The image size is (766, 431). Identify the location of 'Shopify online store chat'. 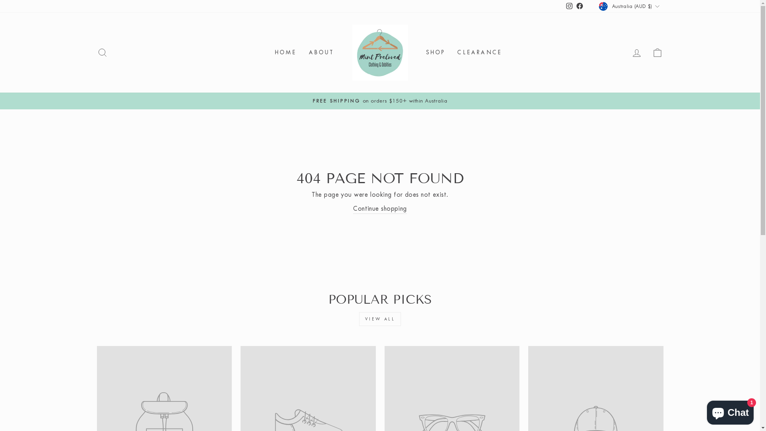
(730, 411).